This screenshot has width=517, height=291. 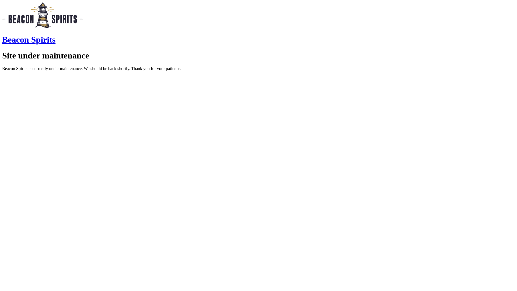 I want to click on 'Beacon Spirits', so click(x=28, y=39).